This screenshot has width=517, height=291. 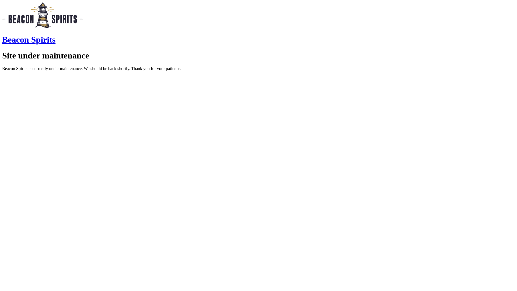 I want to click on 'Beacon Spirits', so click(x=28, y=39).